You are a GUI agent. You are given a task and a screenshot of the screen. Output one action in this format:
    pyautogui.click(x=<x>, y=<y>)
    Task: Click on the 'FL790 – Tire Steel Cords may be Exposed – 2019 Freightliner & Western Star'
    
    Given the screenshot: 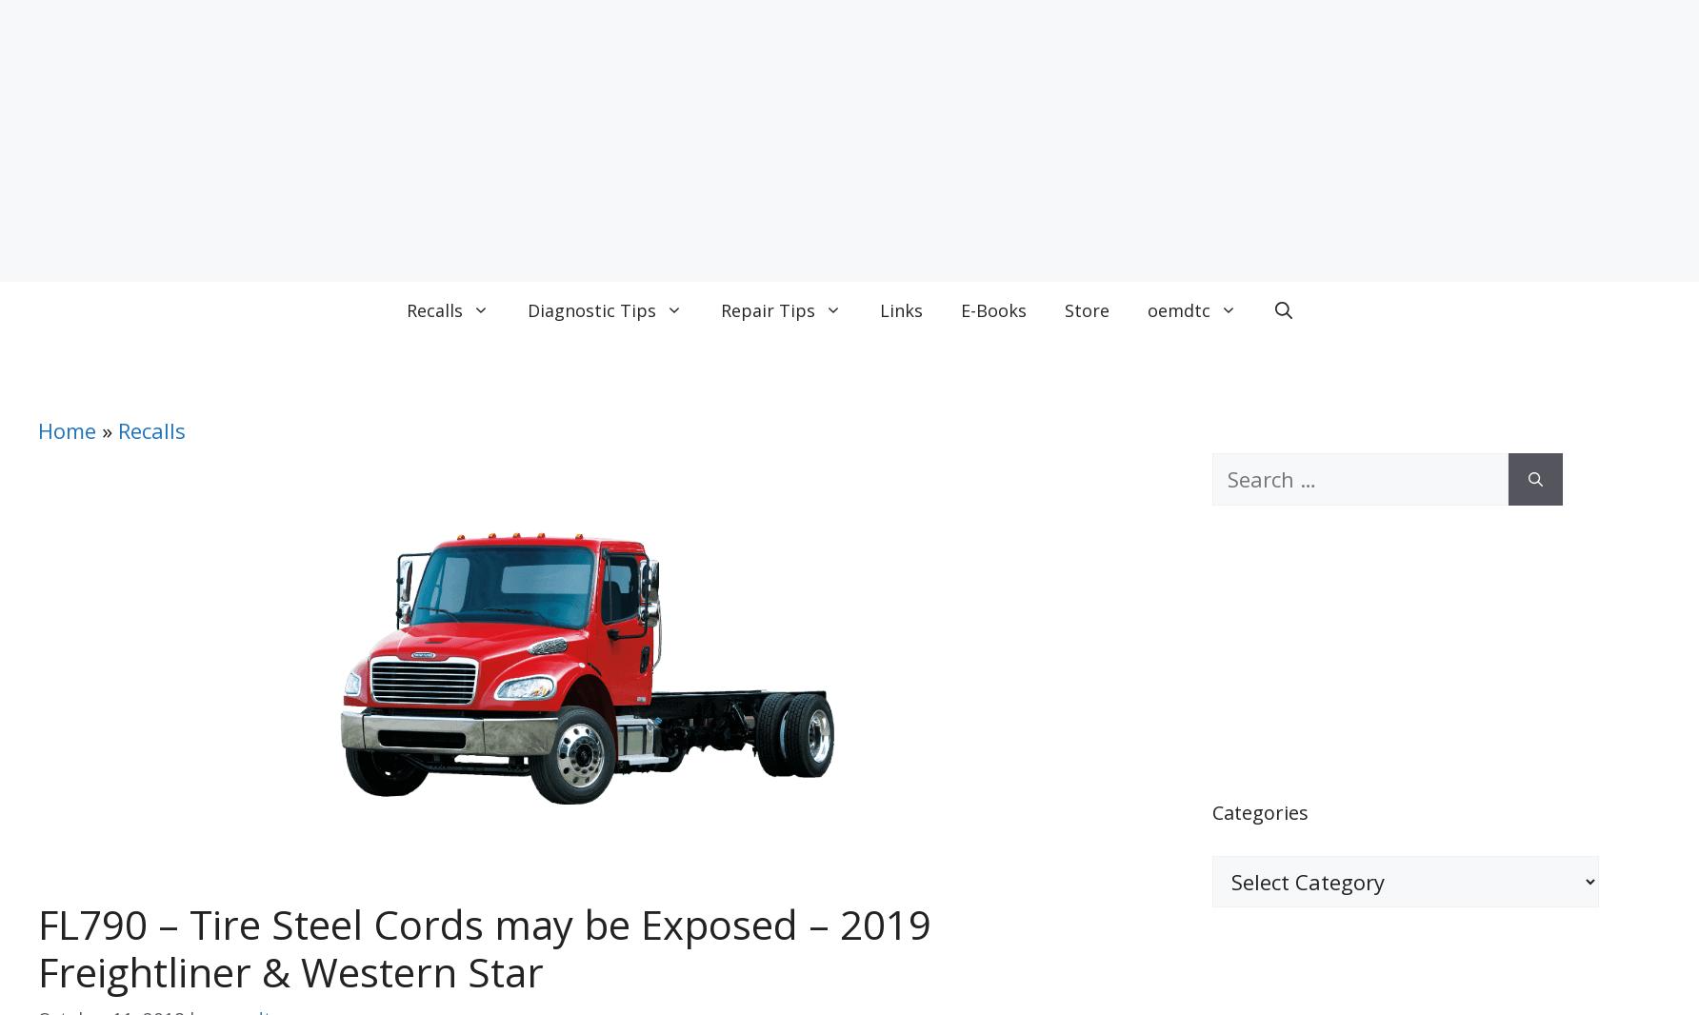 What is the action you would take?
    pyautogui.click(x=484, y=947)
    